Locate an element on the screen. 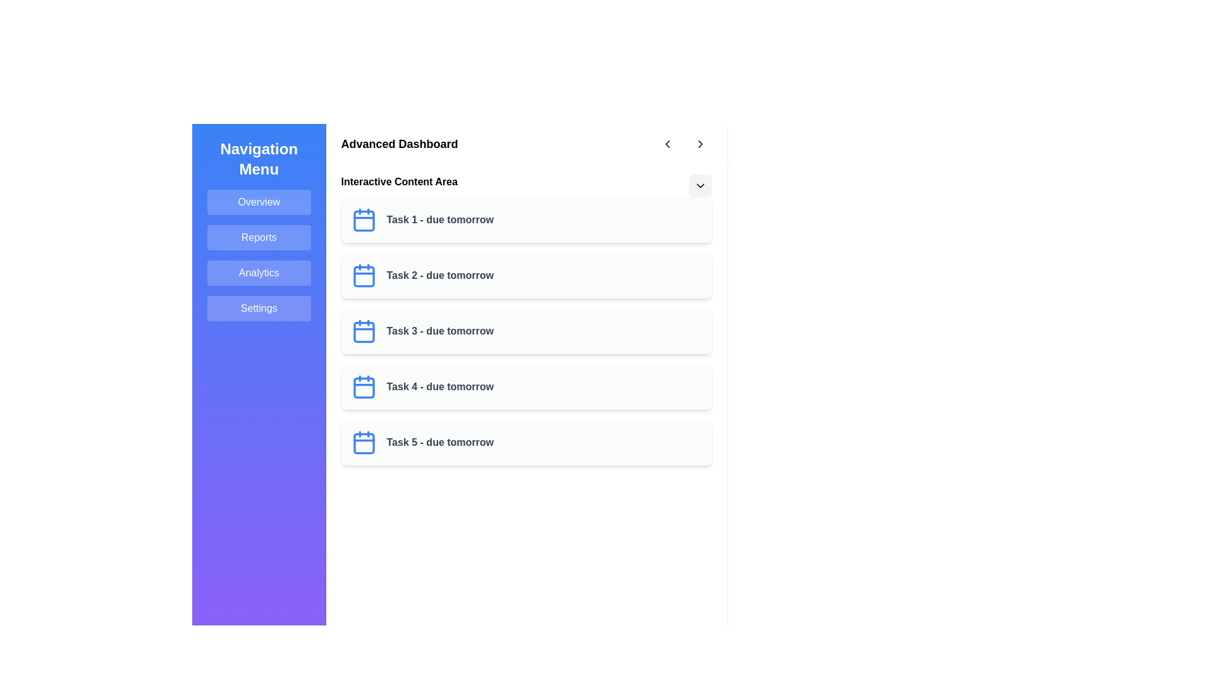  text from the Text Label displaying 'Task 2 - due tomorrow', which is positioned in the second row of the task list in the Interactive Content Area is located at coordinates (440, 274).